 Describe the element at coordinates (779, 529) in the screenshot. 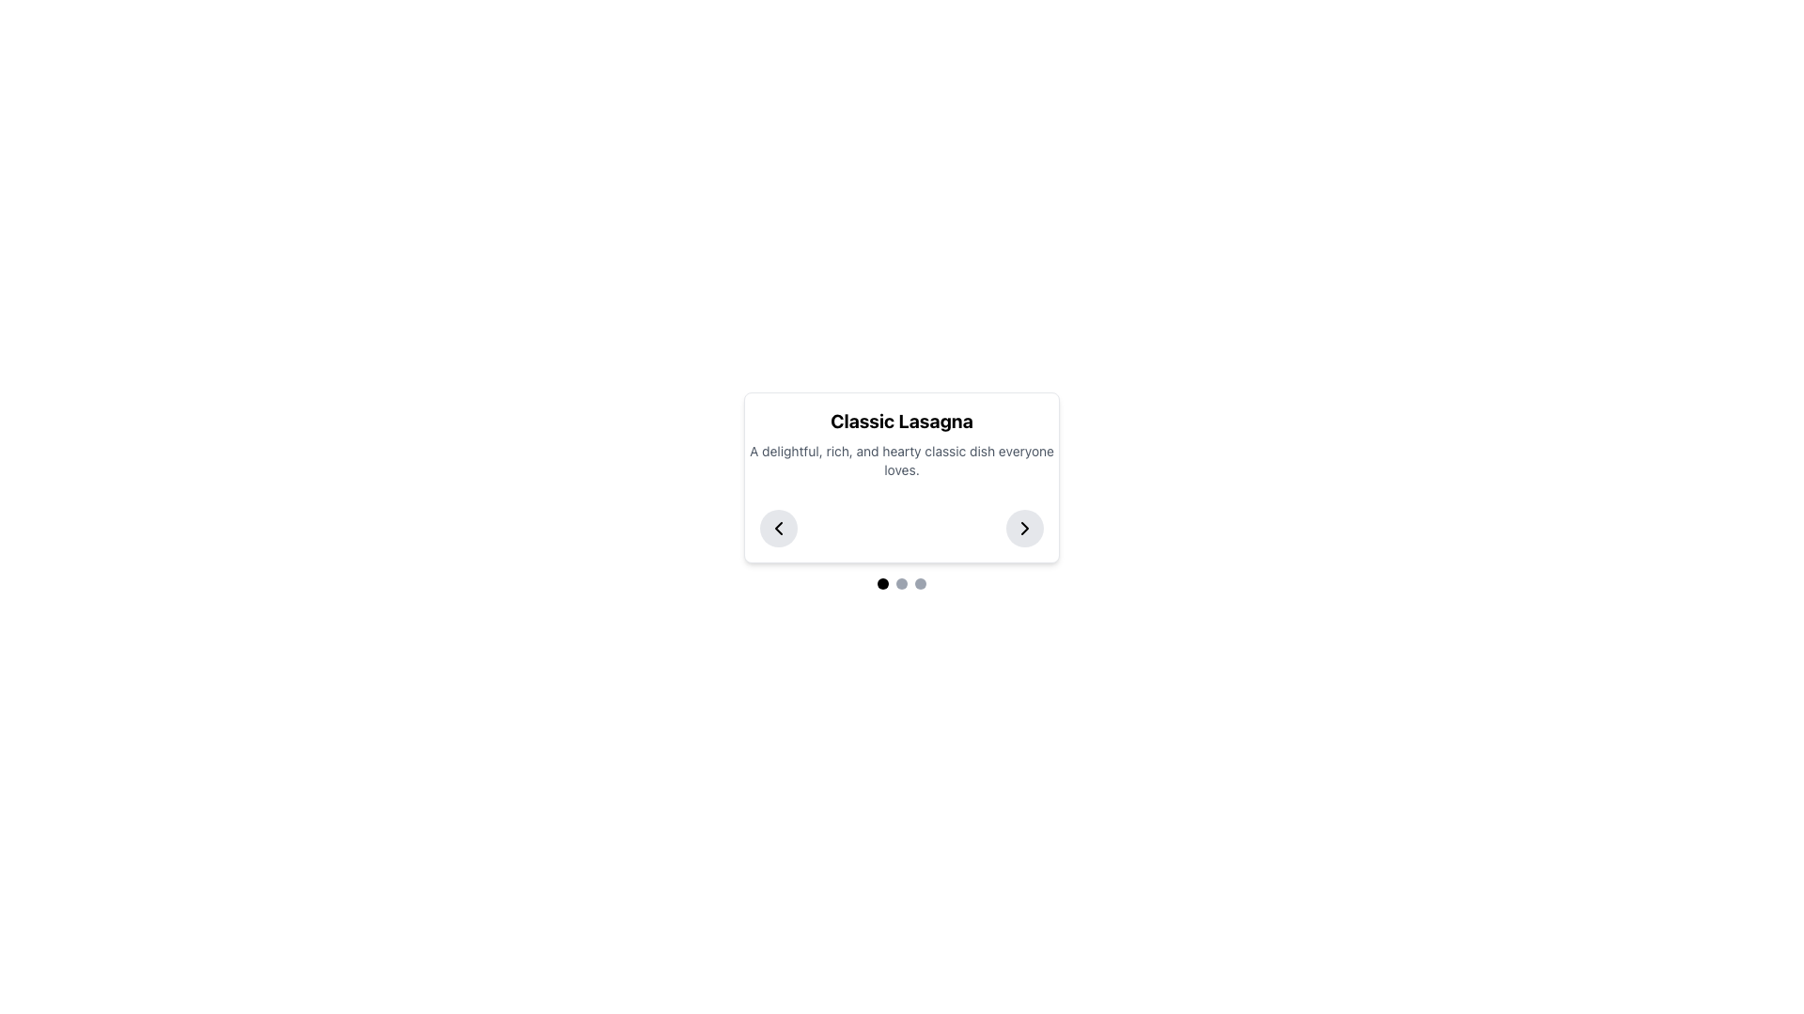

I see `the left navigation button icon located within the circular button on the left-hand side of the card interface displaying 'Classic Lasagna' and its subtitle` at that location.